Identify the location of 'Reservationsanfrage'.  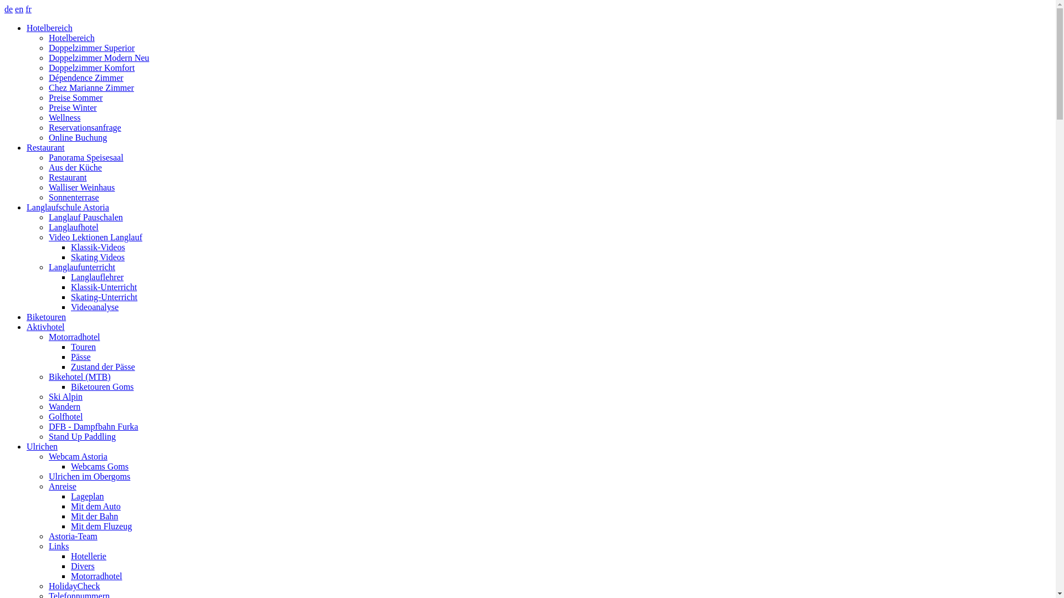
(48, 127).